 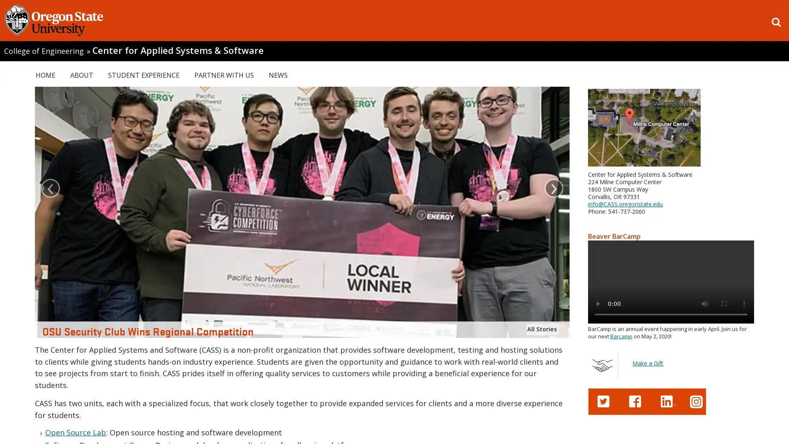 I want to click on enter full screen, so click(x=724, y=303).